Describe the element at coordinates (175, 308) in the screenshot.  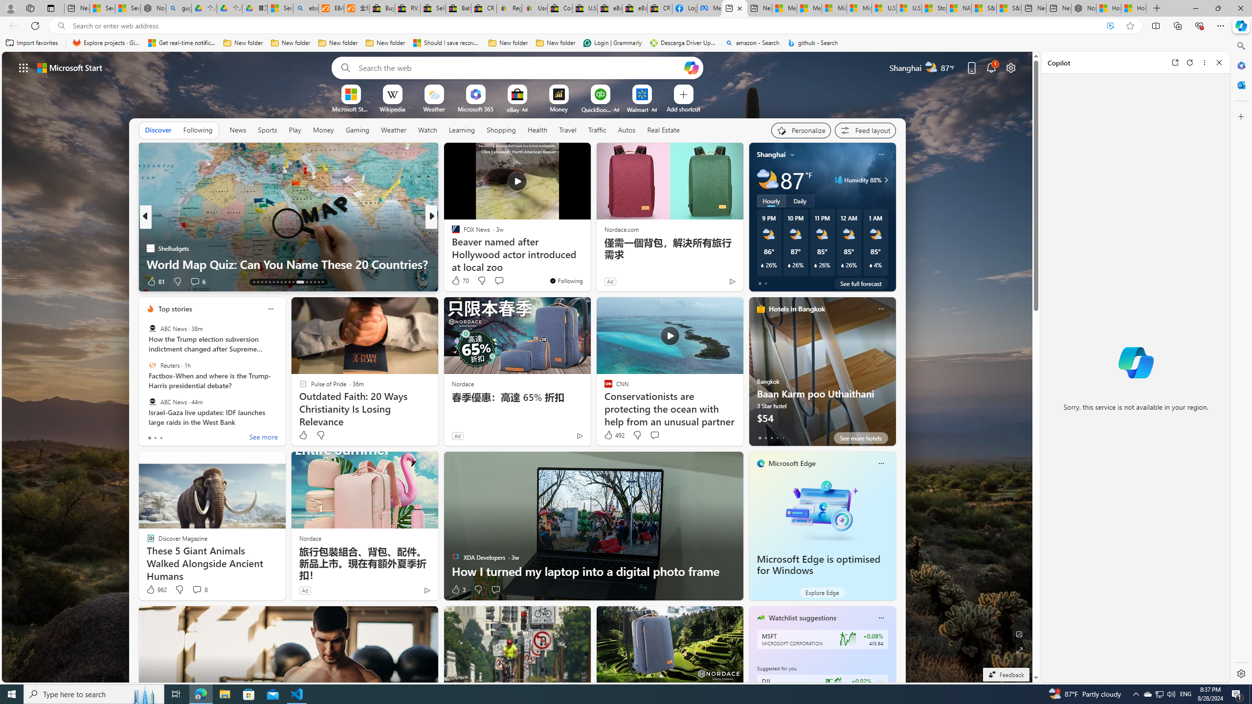
I see `'Top stories'` at that location.